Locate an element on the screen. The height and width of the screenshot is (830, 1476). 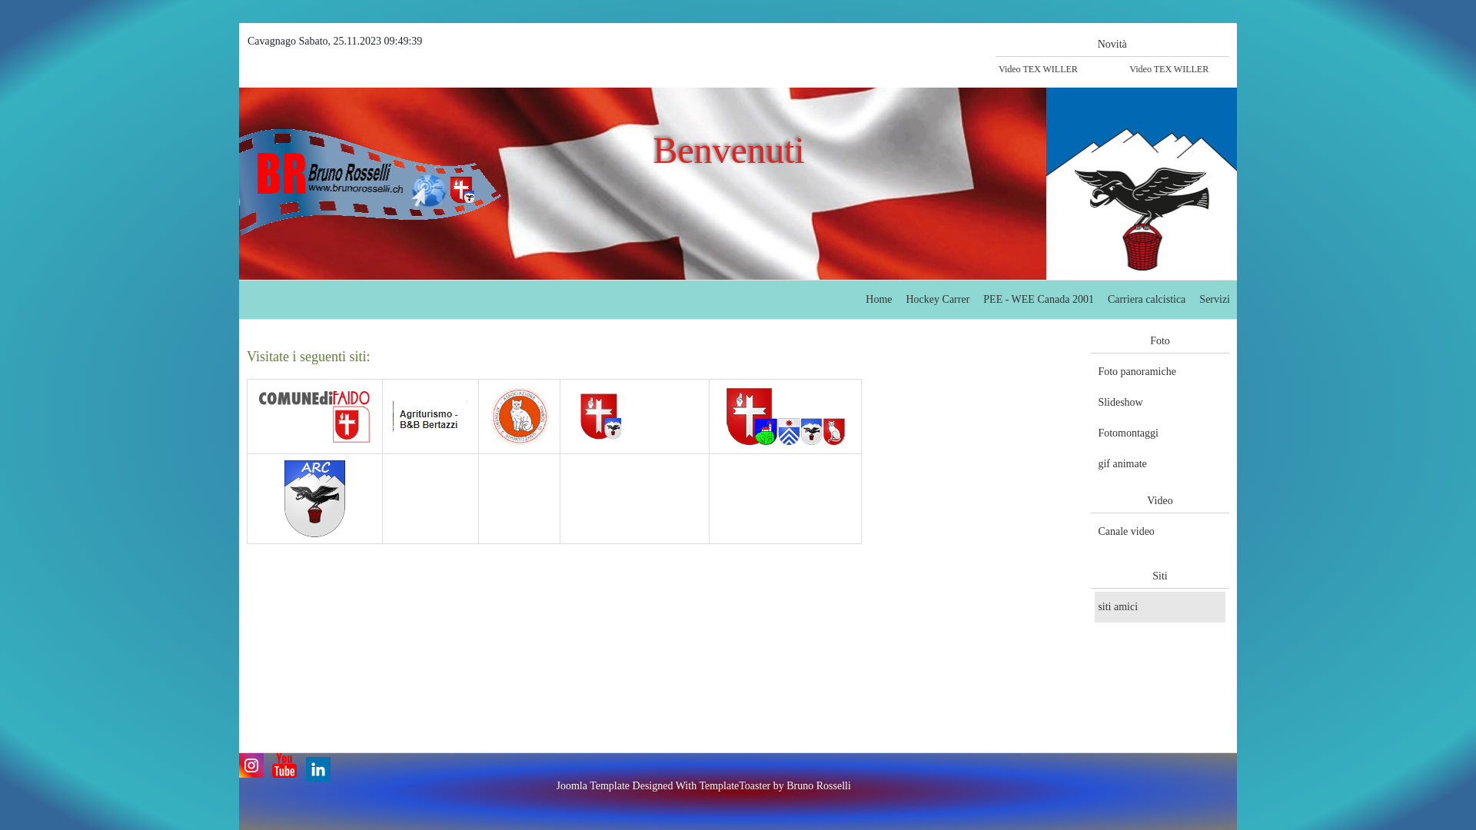
'siti amici' is located at coordinates (1159, 606).